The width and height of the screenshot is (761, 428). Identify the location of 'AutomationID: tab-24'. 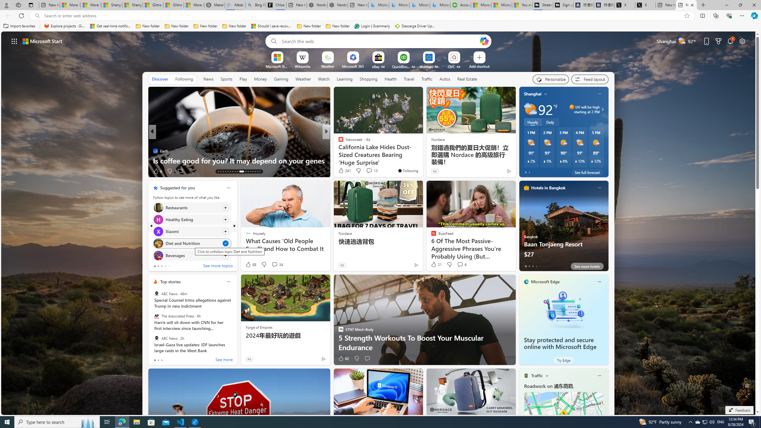
(248, 171).